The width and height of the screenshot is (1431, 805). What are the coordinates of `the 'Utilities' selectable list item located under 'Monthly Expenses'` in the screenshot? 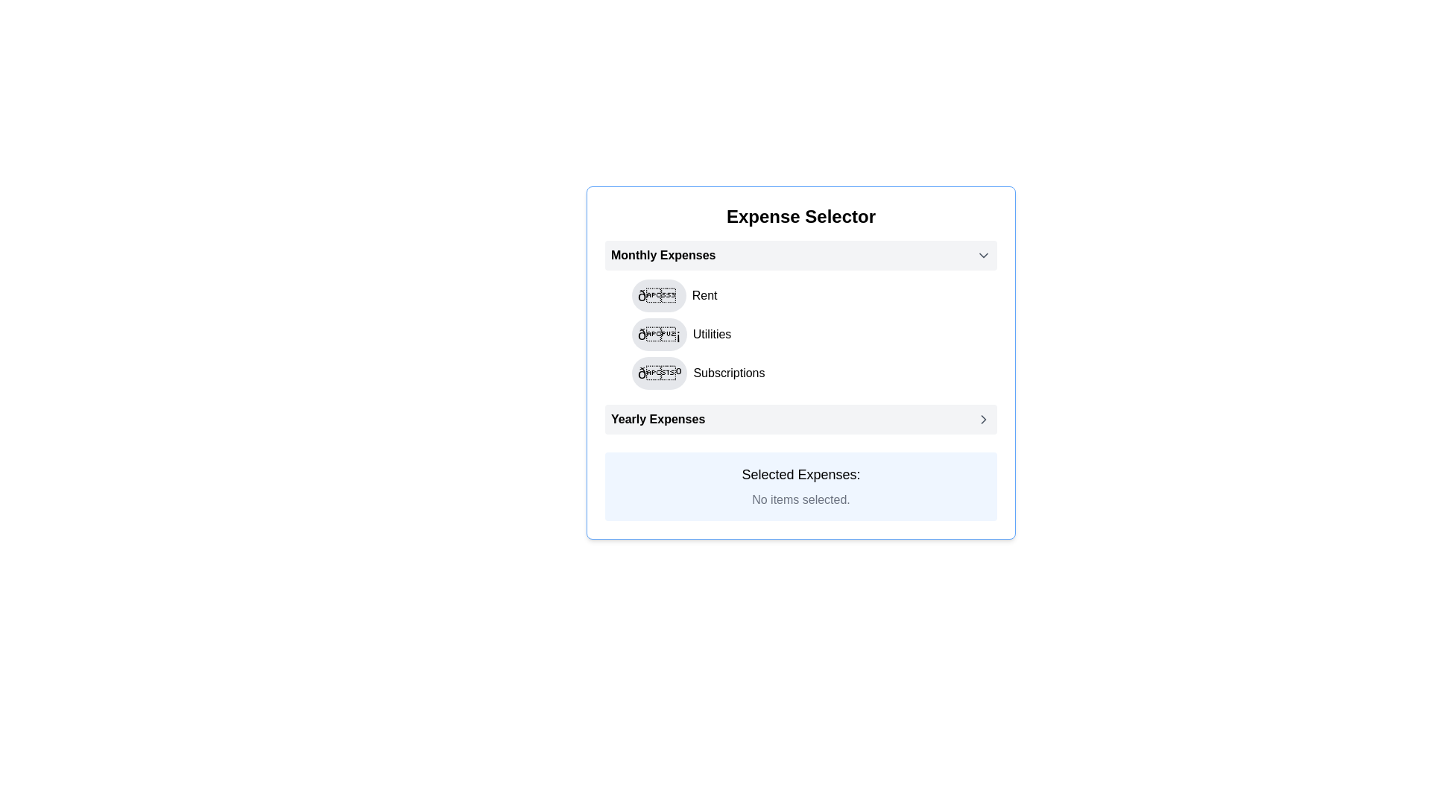 It's located at (812, 333).